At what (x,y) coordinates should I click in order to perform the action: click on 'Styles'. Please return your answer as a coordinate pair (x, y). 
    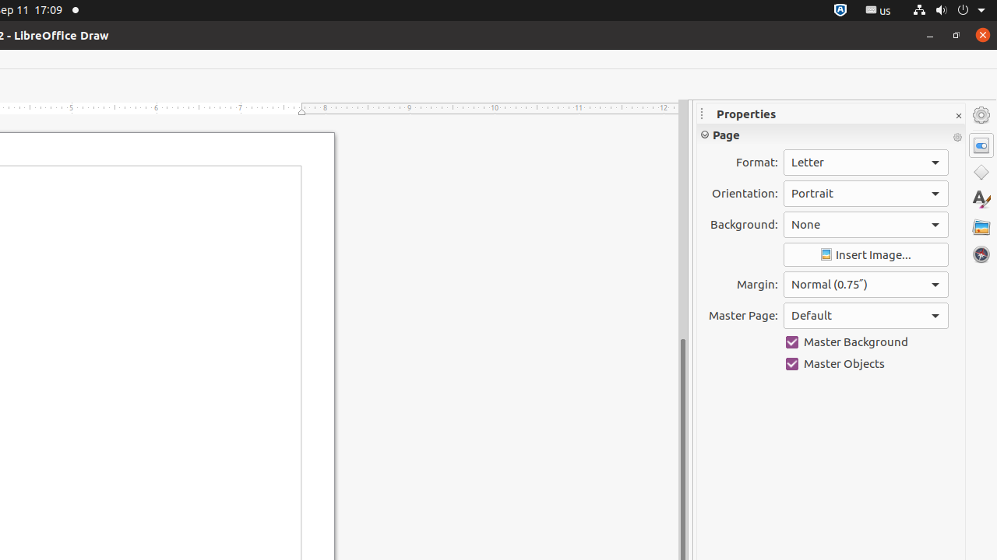
    Looking at the image, I should click on (981, 198).